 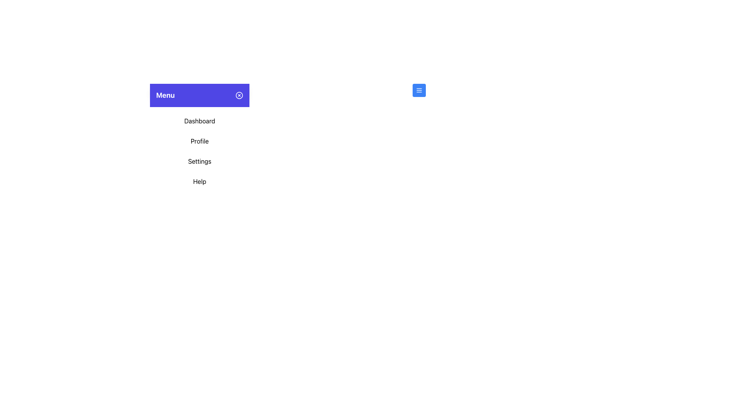 What do you see at coordinates (418, 90) in the screenshot?
I see `the menu toggle button located at the top of the interface` at bounding box center [418, 90].